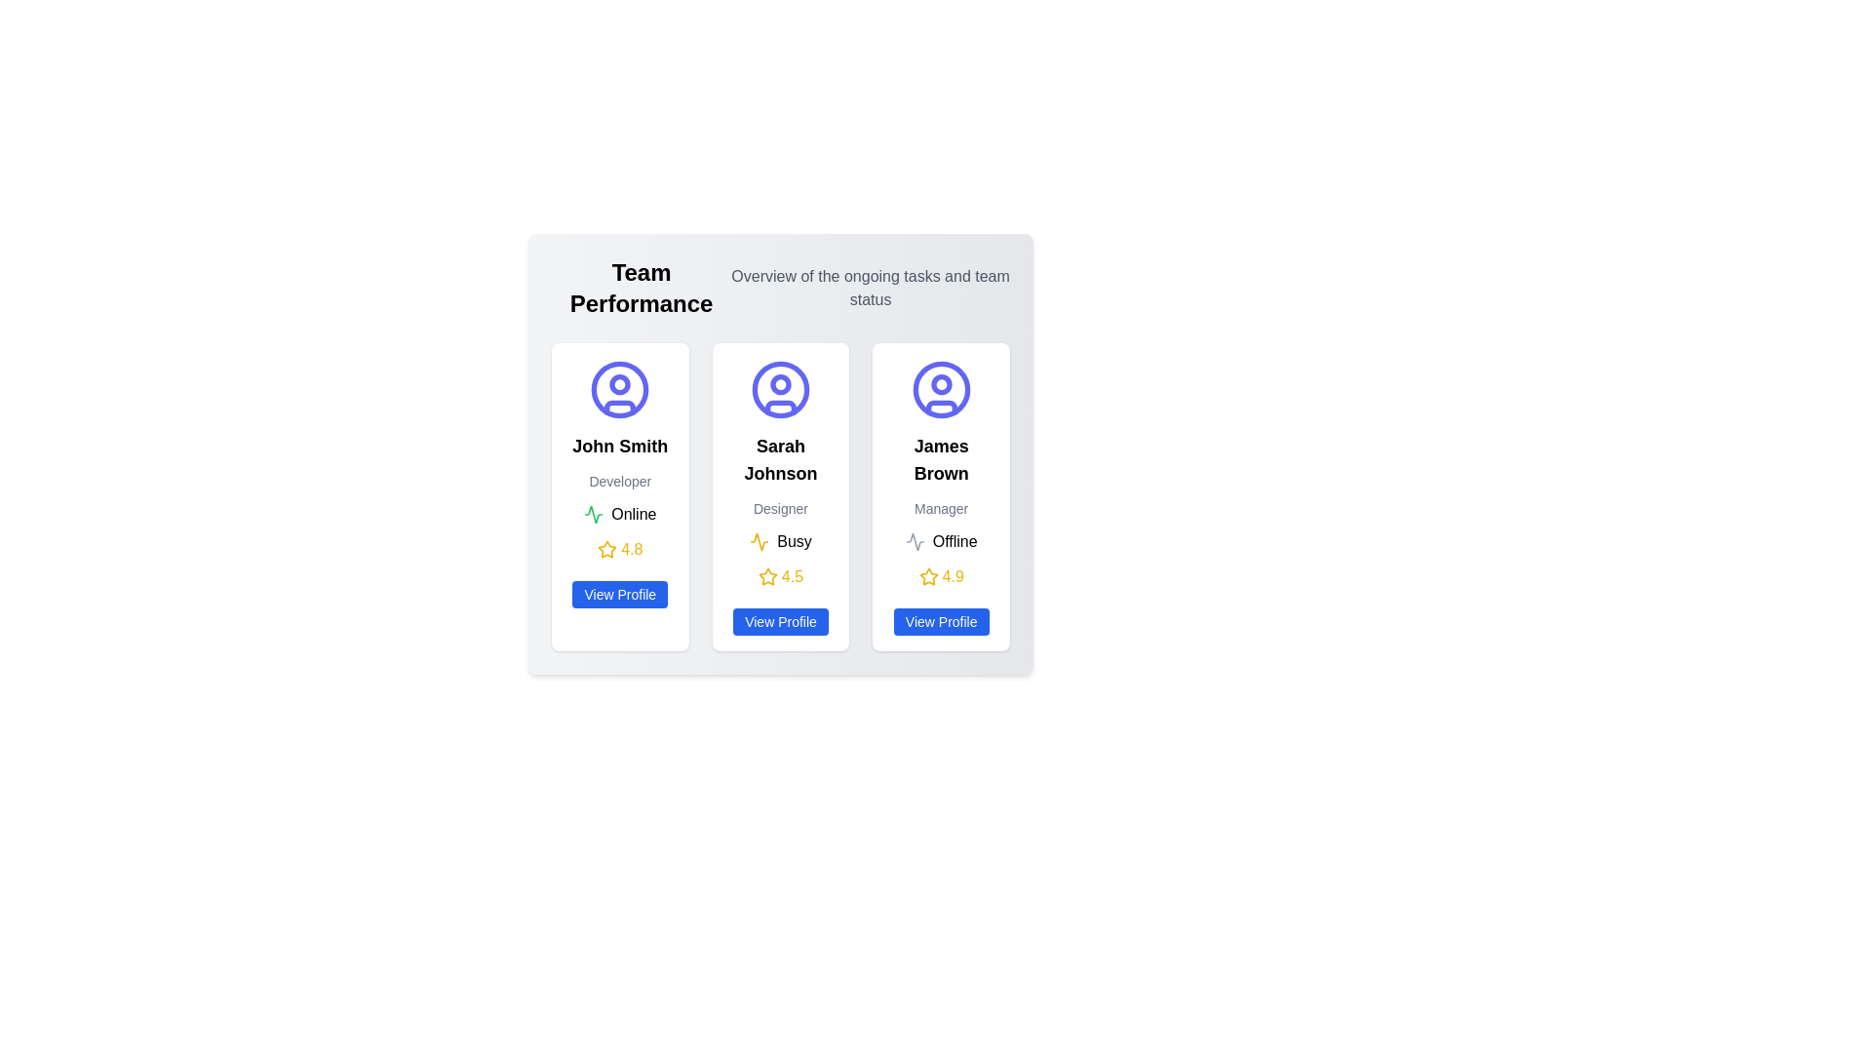  Describe the element at coordinates (619, 407) in the screenshot. I see `vector graphic element representing a detail of the user avatar icon through developer tools` at that location.